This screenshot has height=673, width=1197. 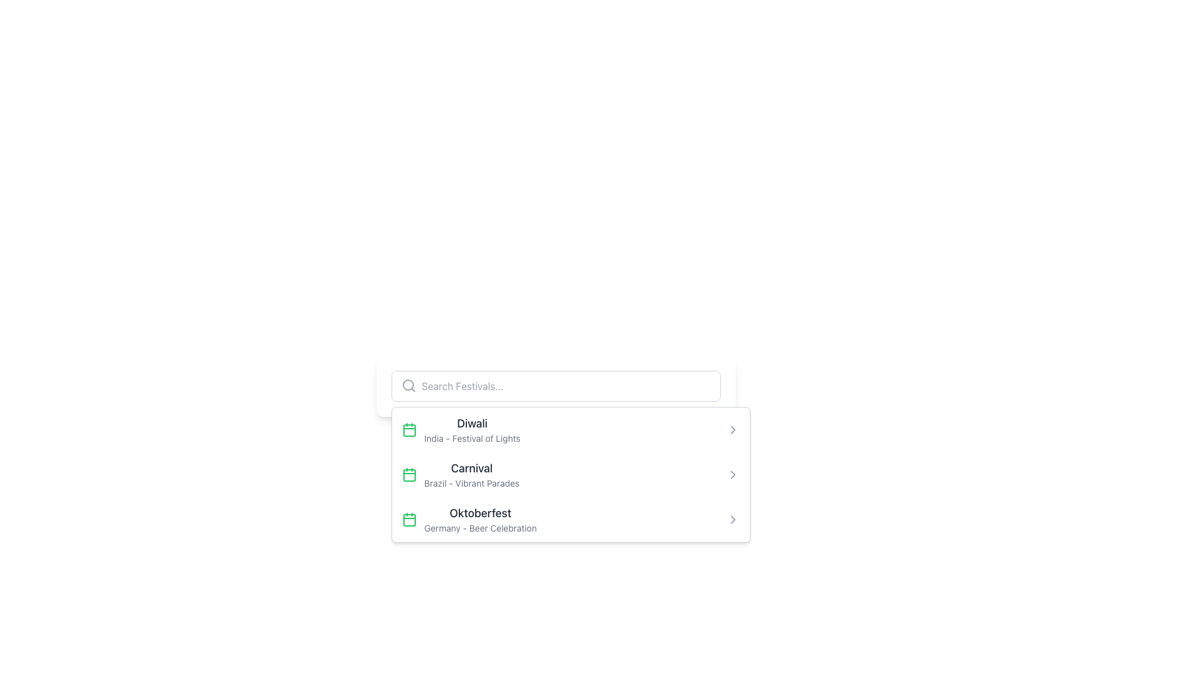 What do you see at coordinates (459, 475) in the screenshot?
I see `the selectable list item labeled 'Carnival' that features a calendar icon and two lines of text for sorting purposes` at bounding box center [459, 475].